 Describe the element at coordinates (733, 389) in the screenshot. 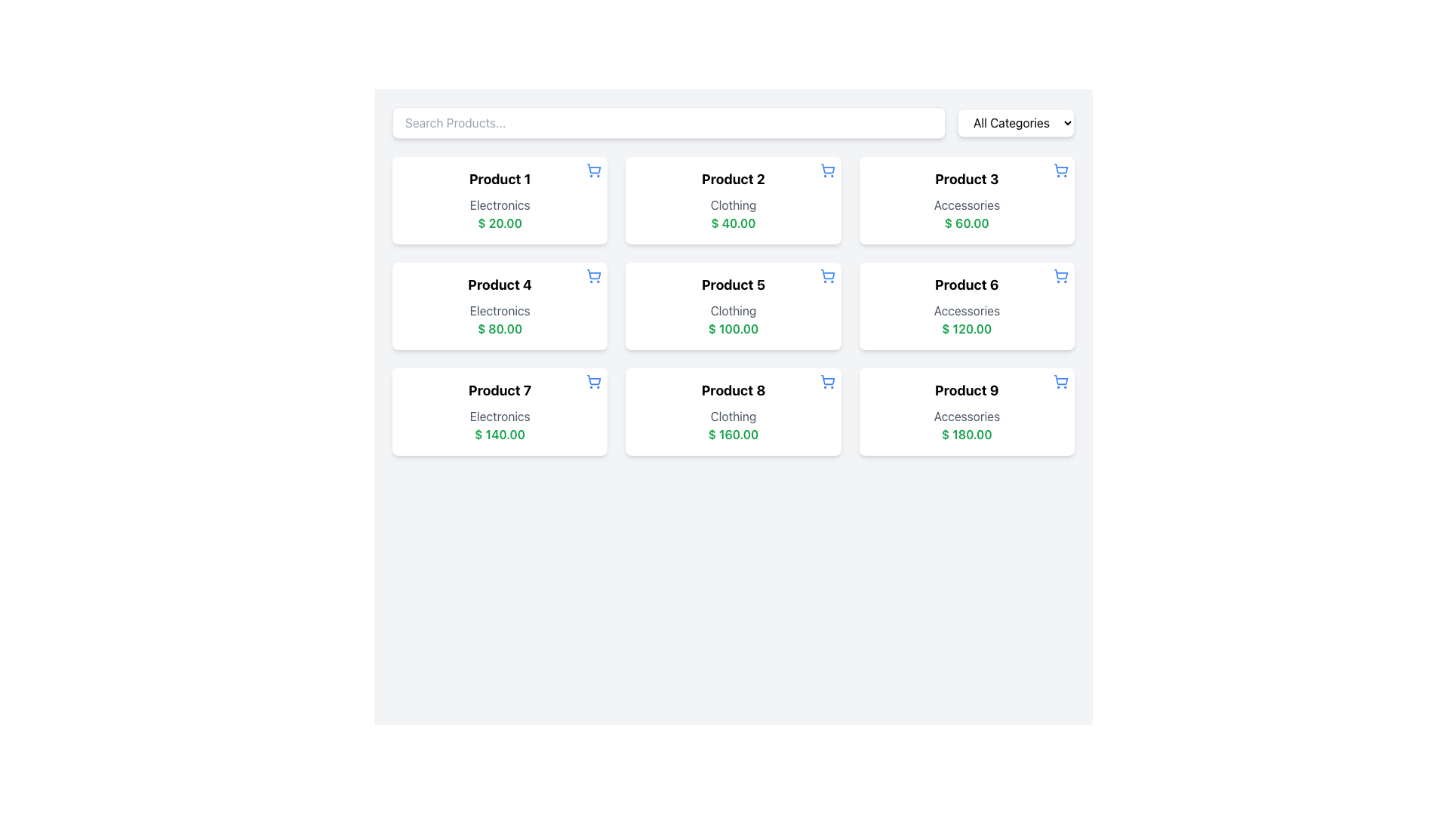

I see `text of the product label positioned at the top of the card, which identifies the product and is located near the category label and price` at that location.